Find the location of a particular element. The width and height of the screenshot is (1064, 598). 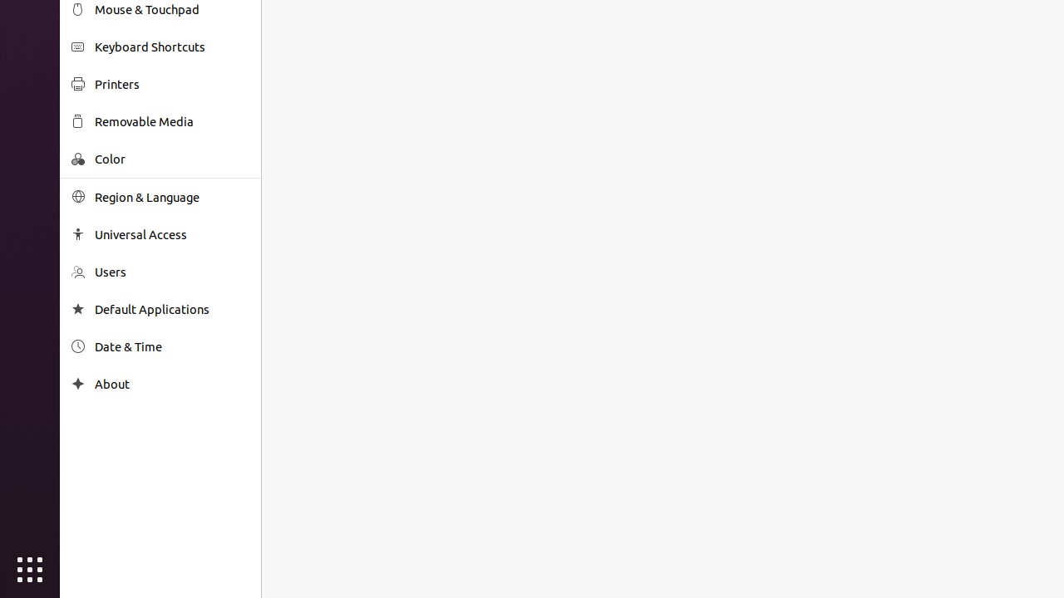

'Date & Time' is located at coordinates (171, 346).